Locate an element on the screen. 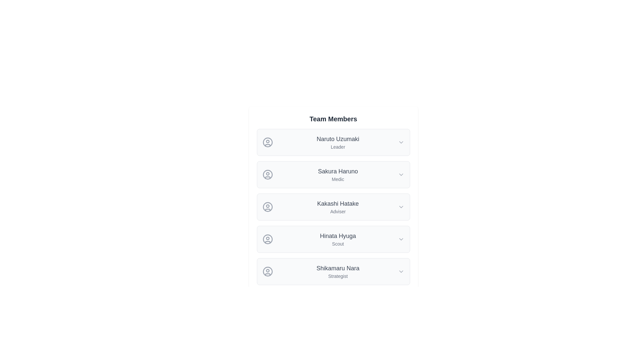 The width and height of the screenshot is (634, 356). the text label that indicates the role or title of the team member located directly below 'Naruto Uzumaki' in the first item of the vertically ordered list is located at coordinates (338, 147).